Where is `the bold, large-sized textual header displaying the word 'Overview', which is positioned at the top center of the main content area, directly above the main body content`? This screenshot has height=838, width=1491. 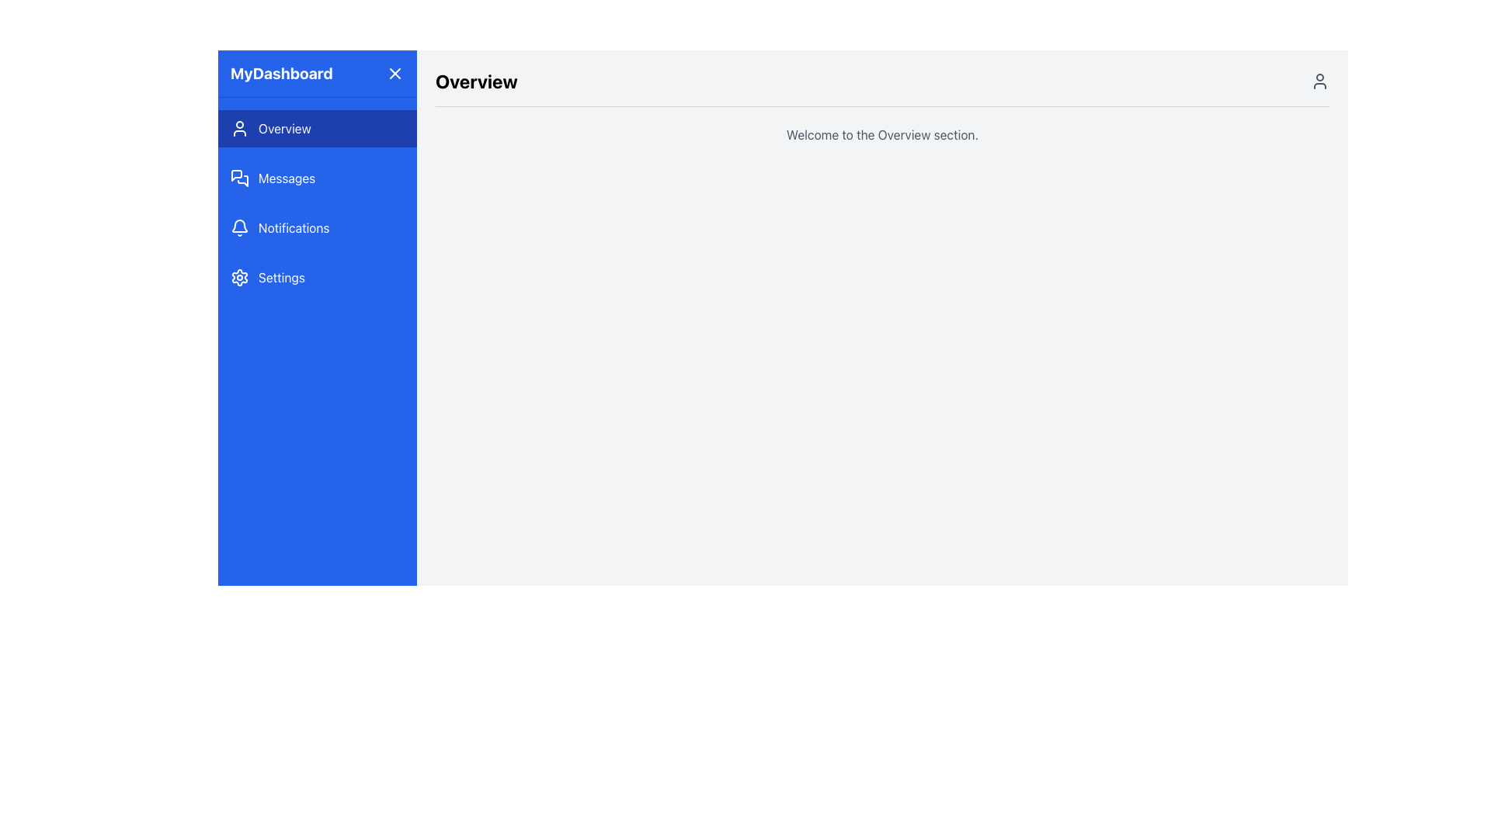
the bold, large-sized textual header displaying the word 'Overview', which is positioned at the top center of the main content area, directly above the main body content is located at coordinates (475, 81).